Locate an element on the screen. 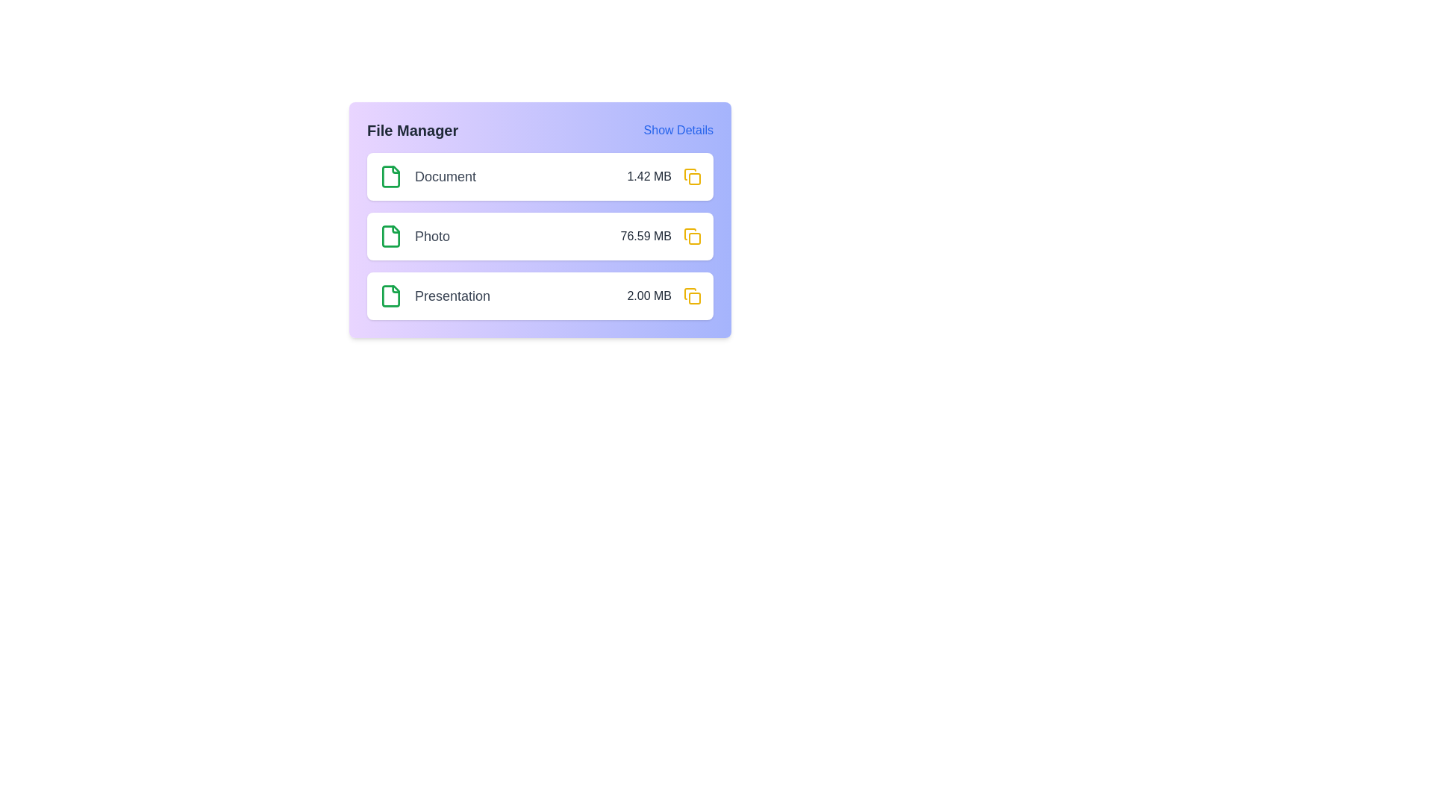 The image size is (1433, 806). the green file document icon corresponding to the 'Presentation' entry is located at coordinates (390, 296).